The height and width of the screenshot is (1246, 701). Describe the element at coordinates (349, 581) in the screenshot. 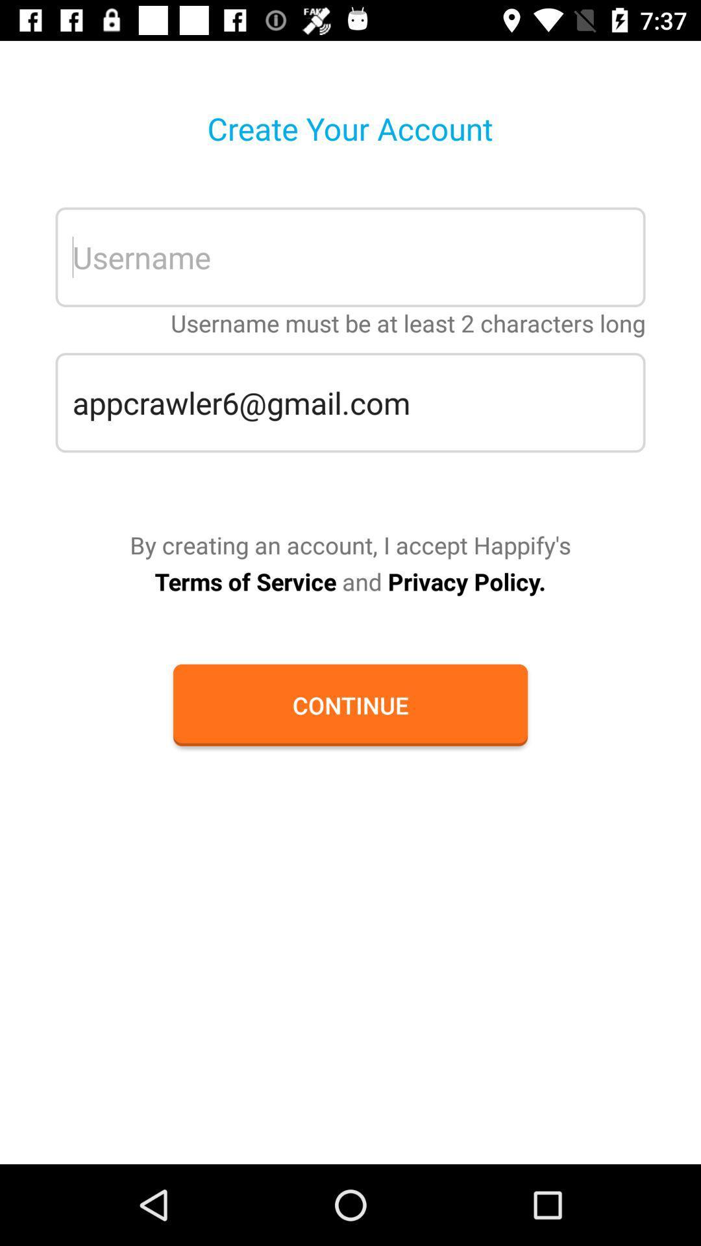

I see `item above continue` at that location.